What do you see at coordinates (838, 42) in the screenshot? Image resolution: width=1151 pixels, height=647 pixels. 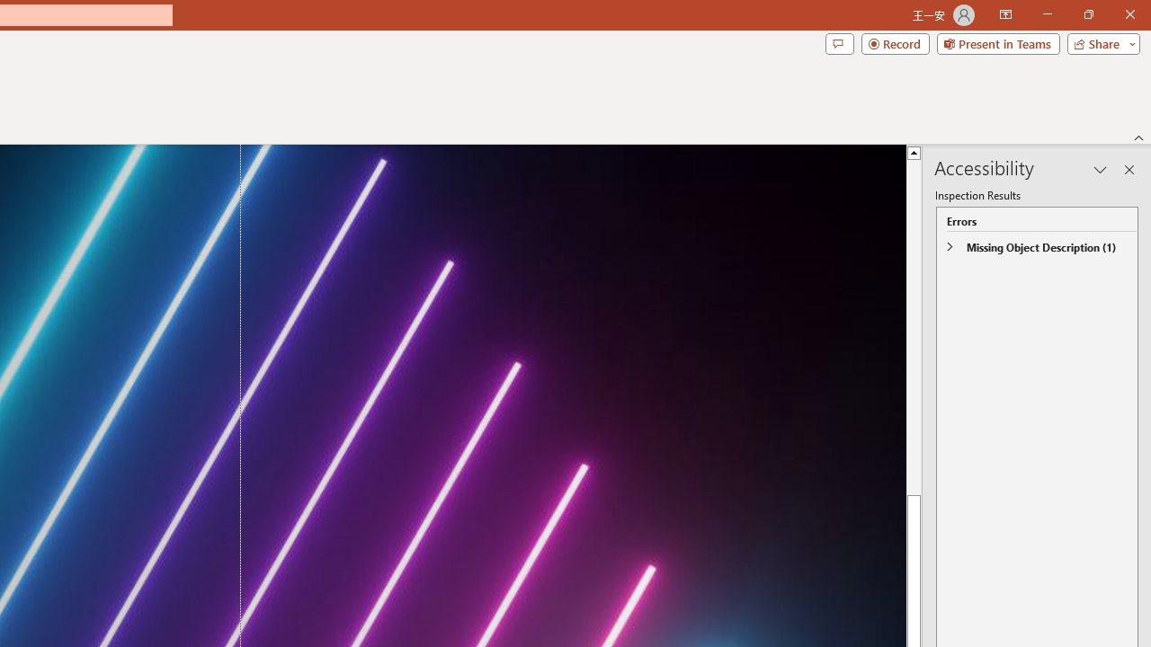 I see `'Comments'` at bounding box center [838, 42].